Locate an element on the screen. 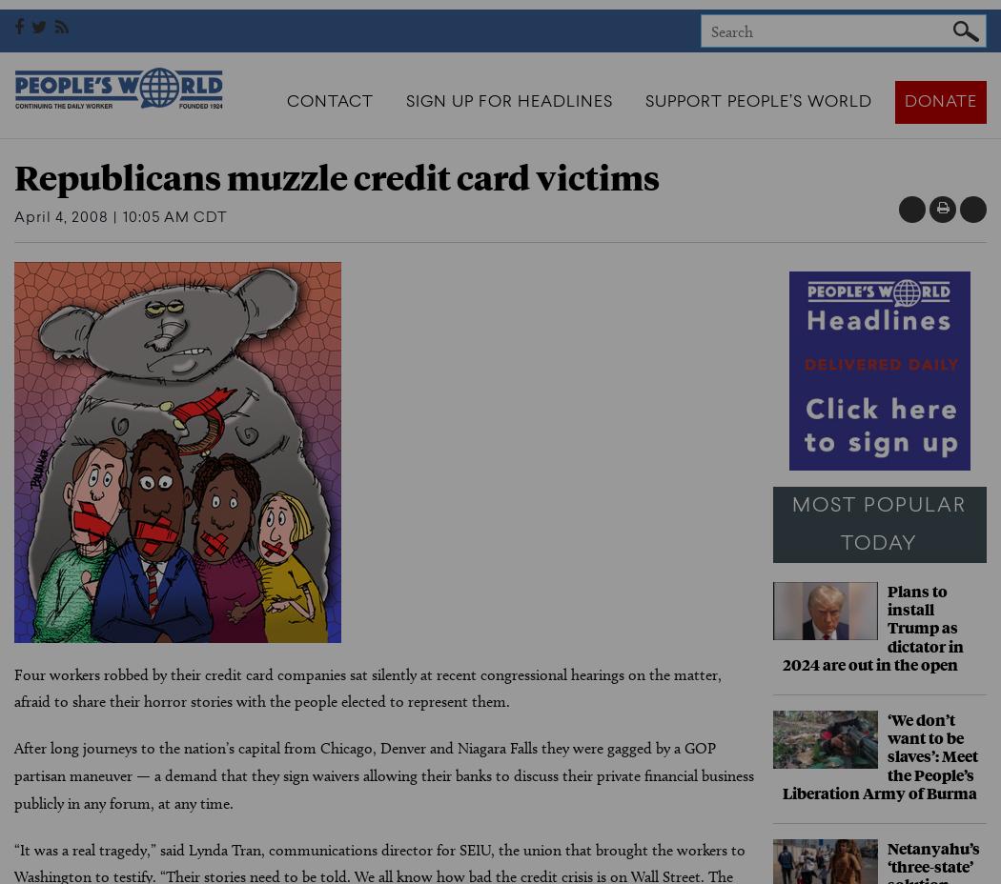 This screenshot has height=884, width=1001. 'April 4, 2008' is located at coordinates (60, 217).